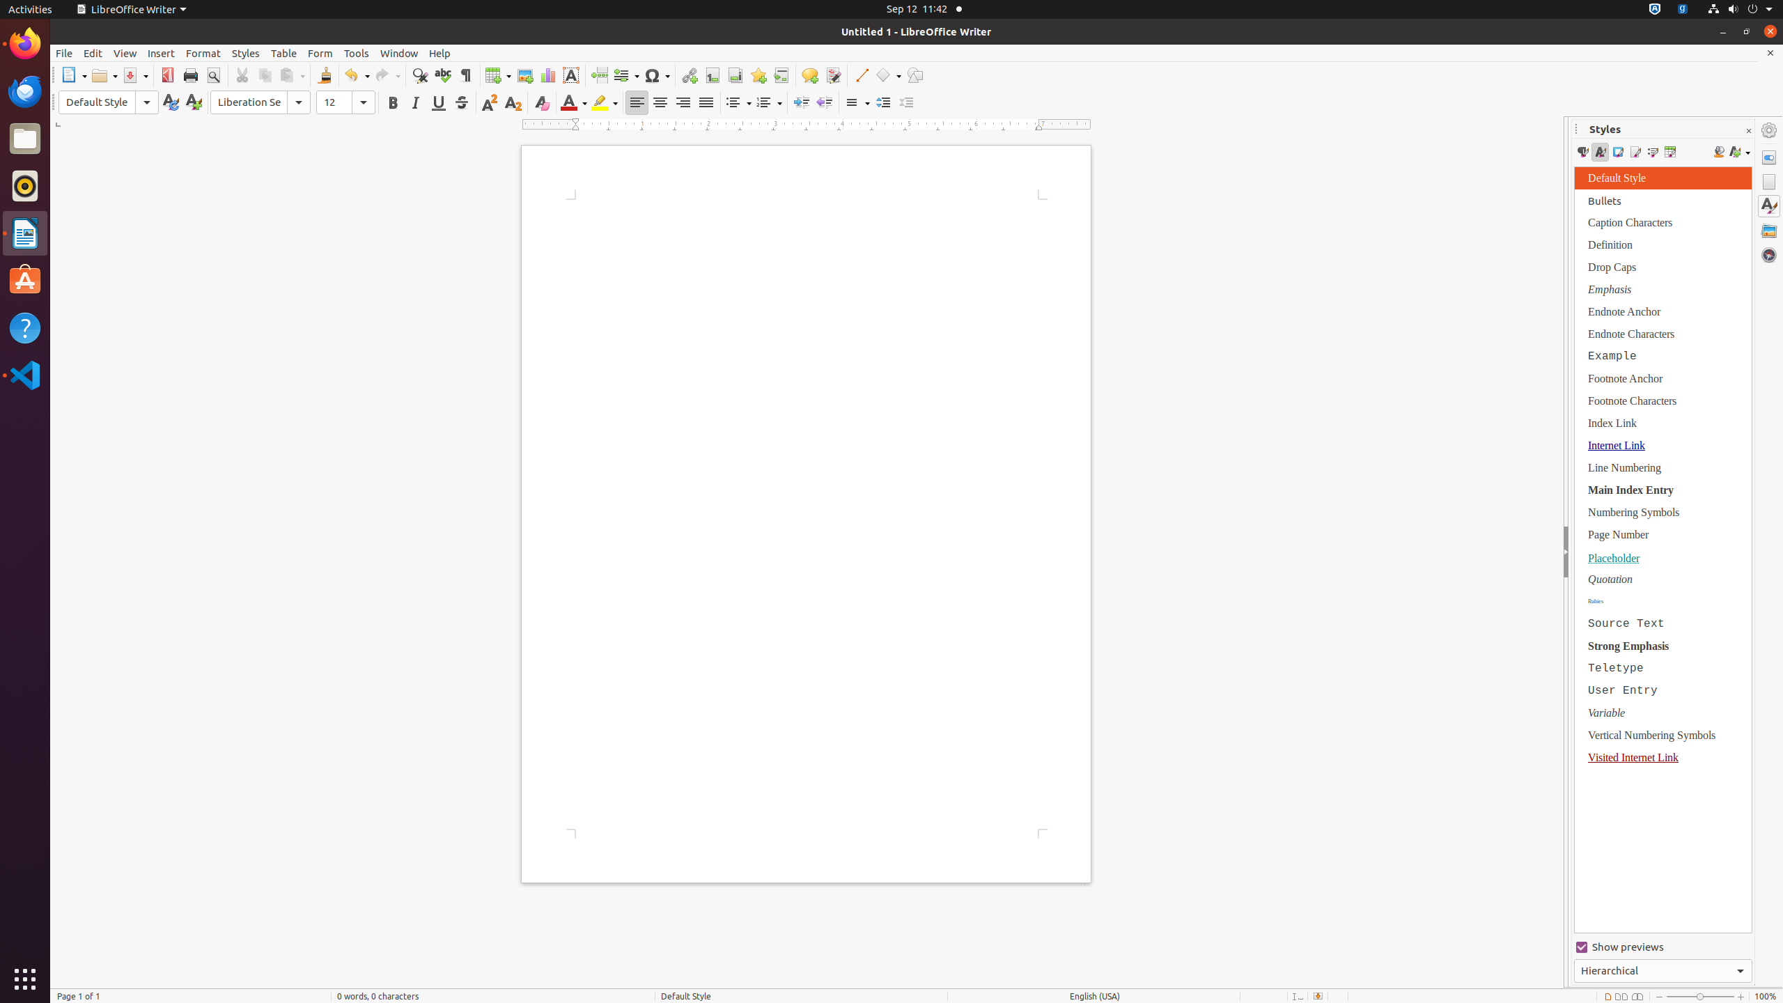 This screenshot has width=1783, height=1003. Describe the element at coordinates (414, 102) in the screenshot. I see `'Italic'` at that location.